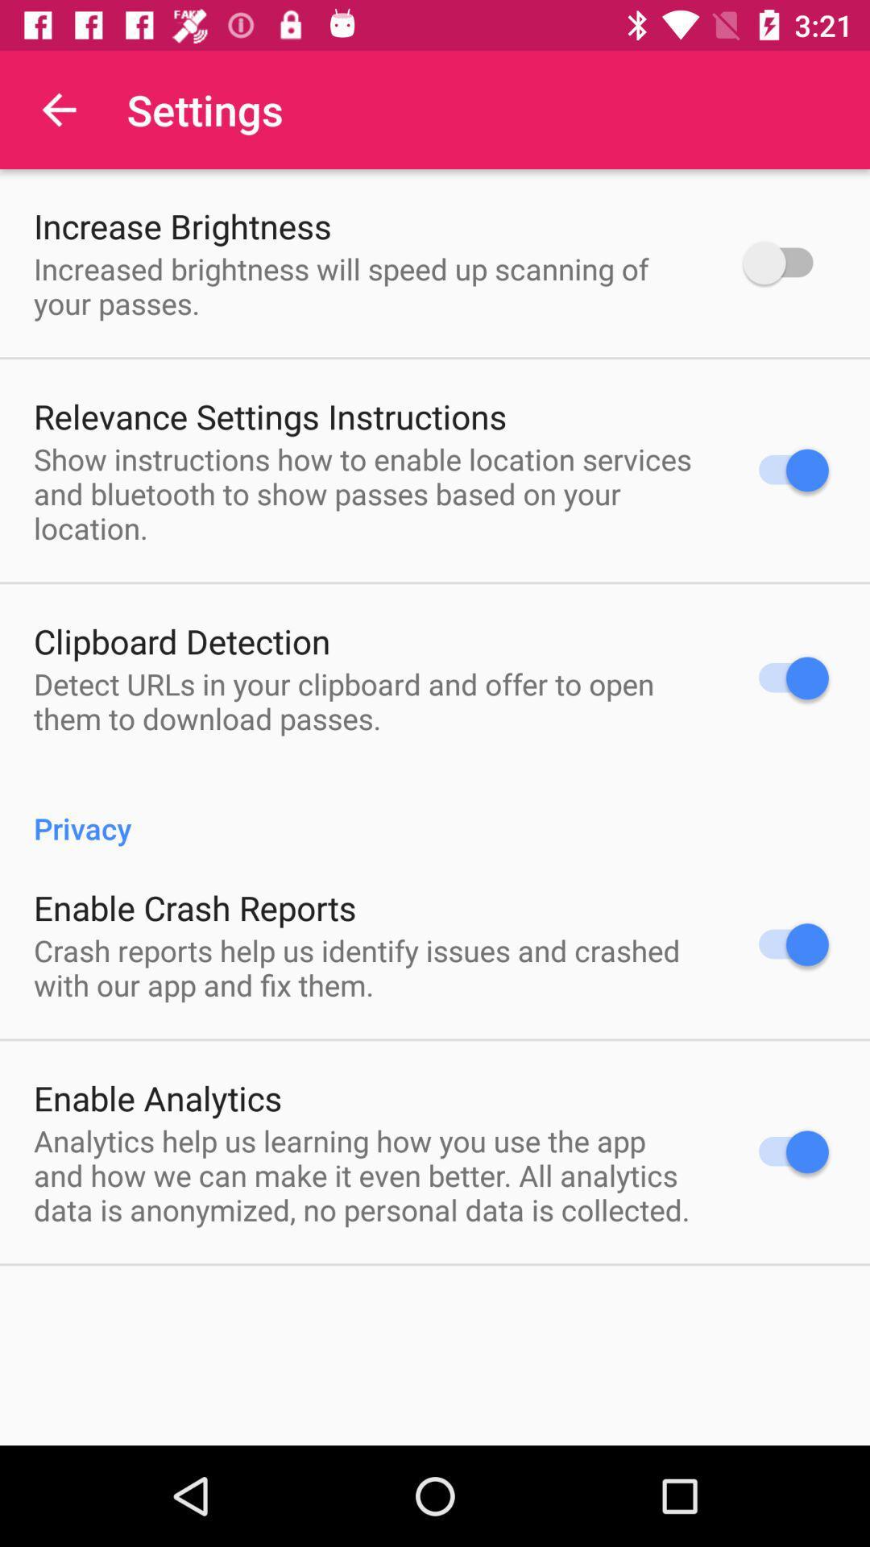 This screenshot has width=870, height=1547. What do you see at coordinates (158, 1097) in the screenshot?
I see `the enable analytics` at bounding box center [158, 1097].